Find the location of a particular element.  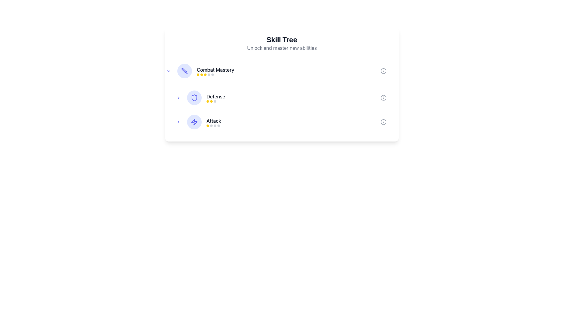

the static text element containing the phrase 'Unlock and master new abilities', which is styled in light gray and positioned below the 'Skill Tree' heading is located at coordinates (281, 48).